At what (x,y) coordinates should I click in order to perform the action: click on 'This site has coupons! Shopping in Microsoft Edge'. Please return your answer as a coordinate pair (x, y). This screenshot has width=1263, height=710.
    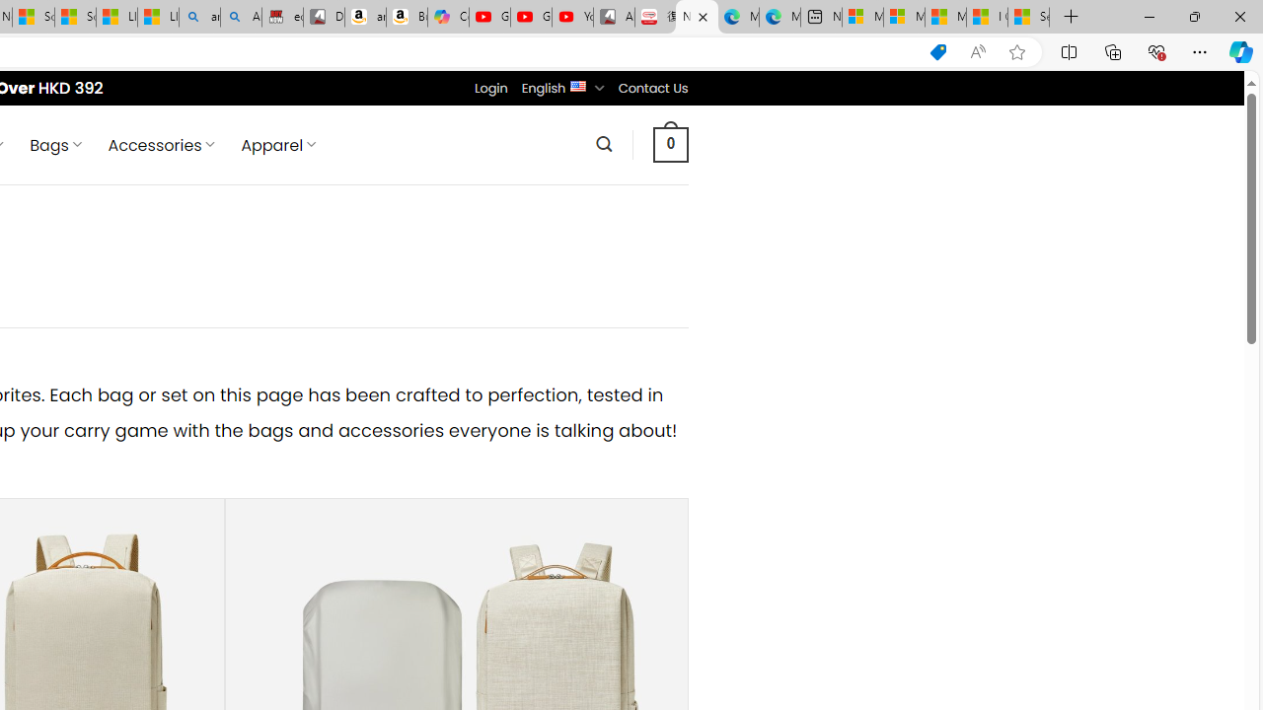
    Looking at the image, I should click on (937, 51).